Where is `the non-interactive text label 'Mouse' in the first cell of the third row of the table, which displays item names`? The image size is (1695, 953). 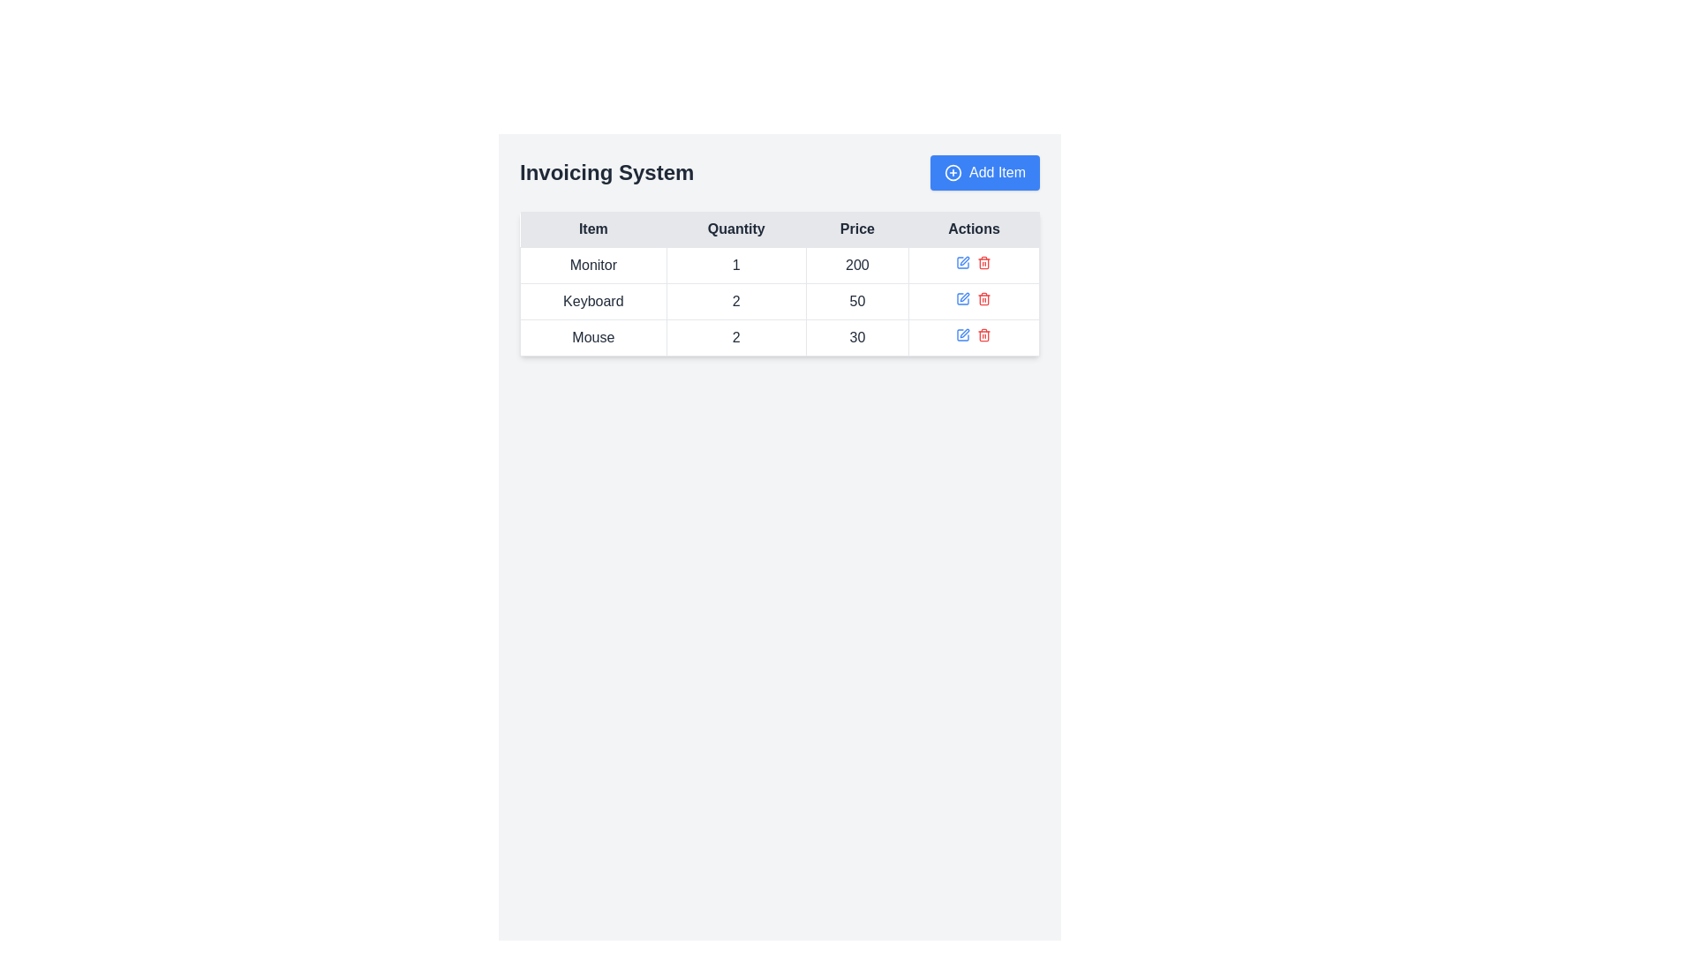
the non-interactive text label 'Mouse' in the first cell of the third row of the table, which displays item names is located at coordinates (593, 337).